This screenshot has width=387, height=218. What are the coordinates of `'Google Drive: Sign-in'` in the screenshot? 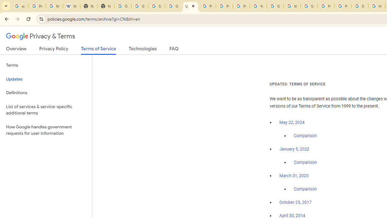 It's located at (139, 6).